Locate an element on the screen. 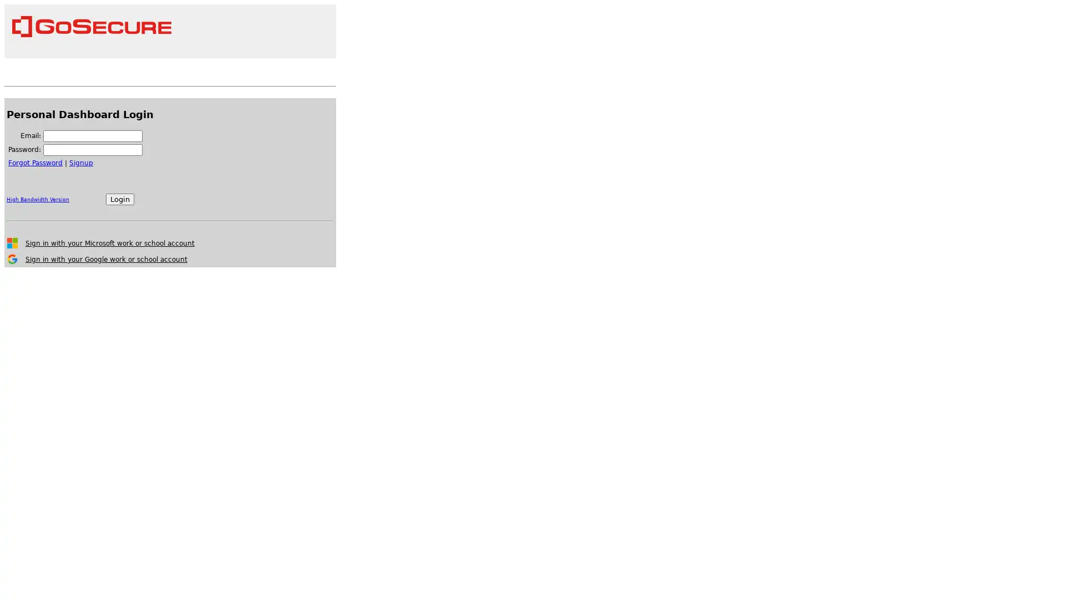 This screenshot has height=599, width=1065. Login is located at coordinates (120, 199).